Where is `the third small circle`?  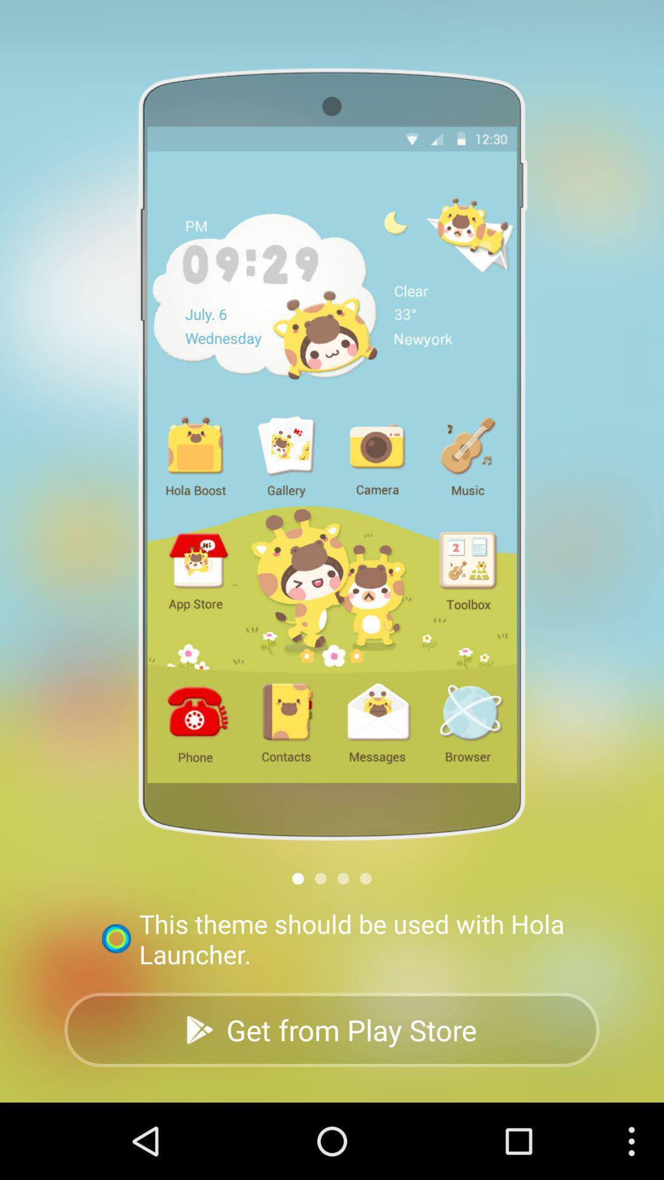 the third small circle is located at coordinates (343, 878).